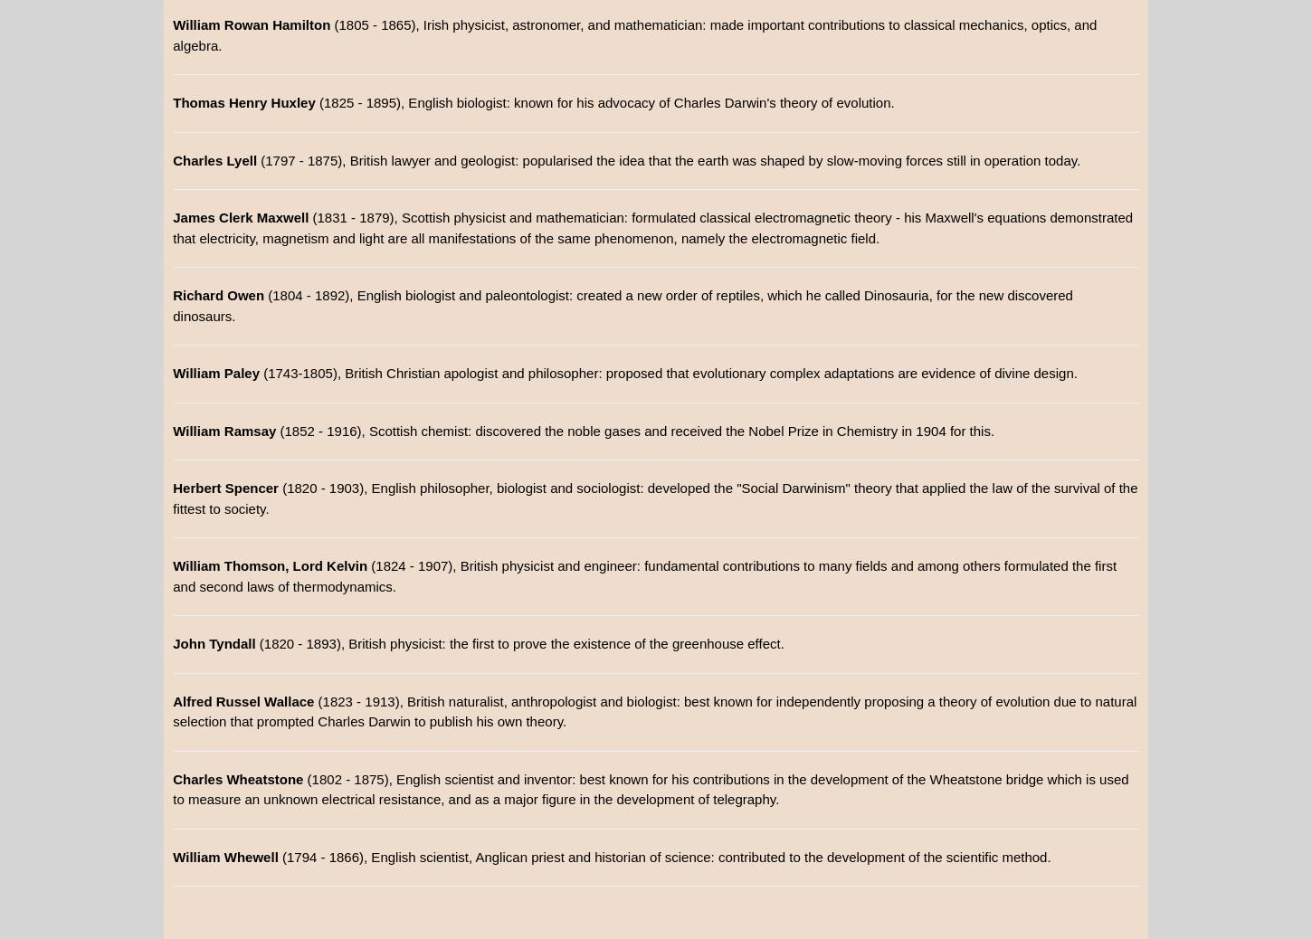 The image size is (1312, 939). What do you see at coordinates (622, 305) in the screenshot?
I see `'(1804 - 1892), English biologist and paleontologist: created a new order of reptiles, which he called Dinosauria, for the new discovered dinosaurs.'` at bounding box center [622, 305].